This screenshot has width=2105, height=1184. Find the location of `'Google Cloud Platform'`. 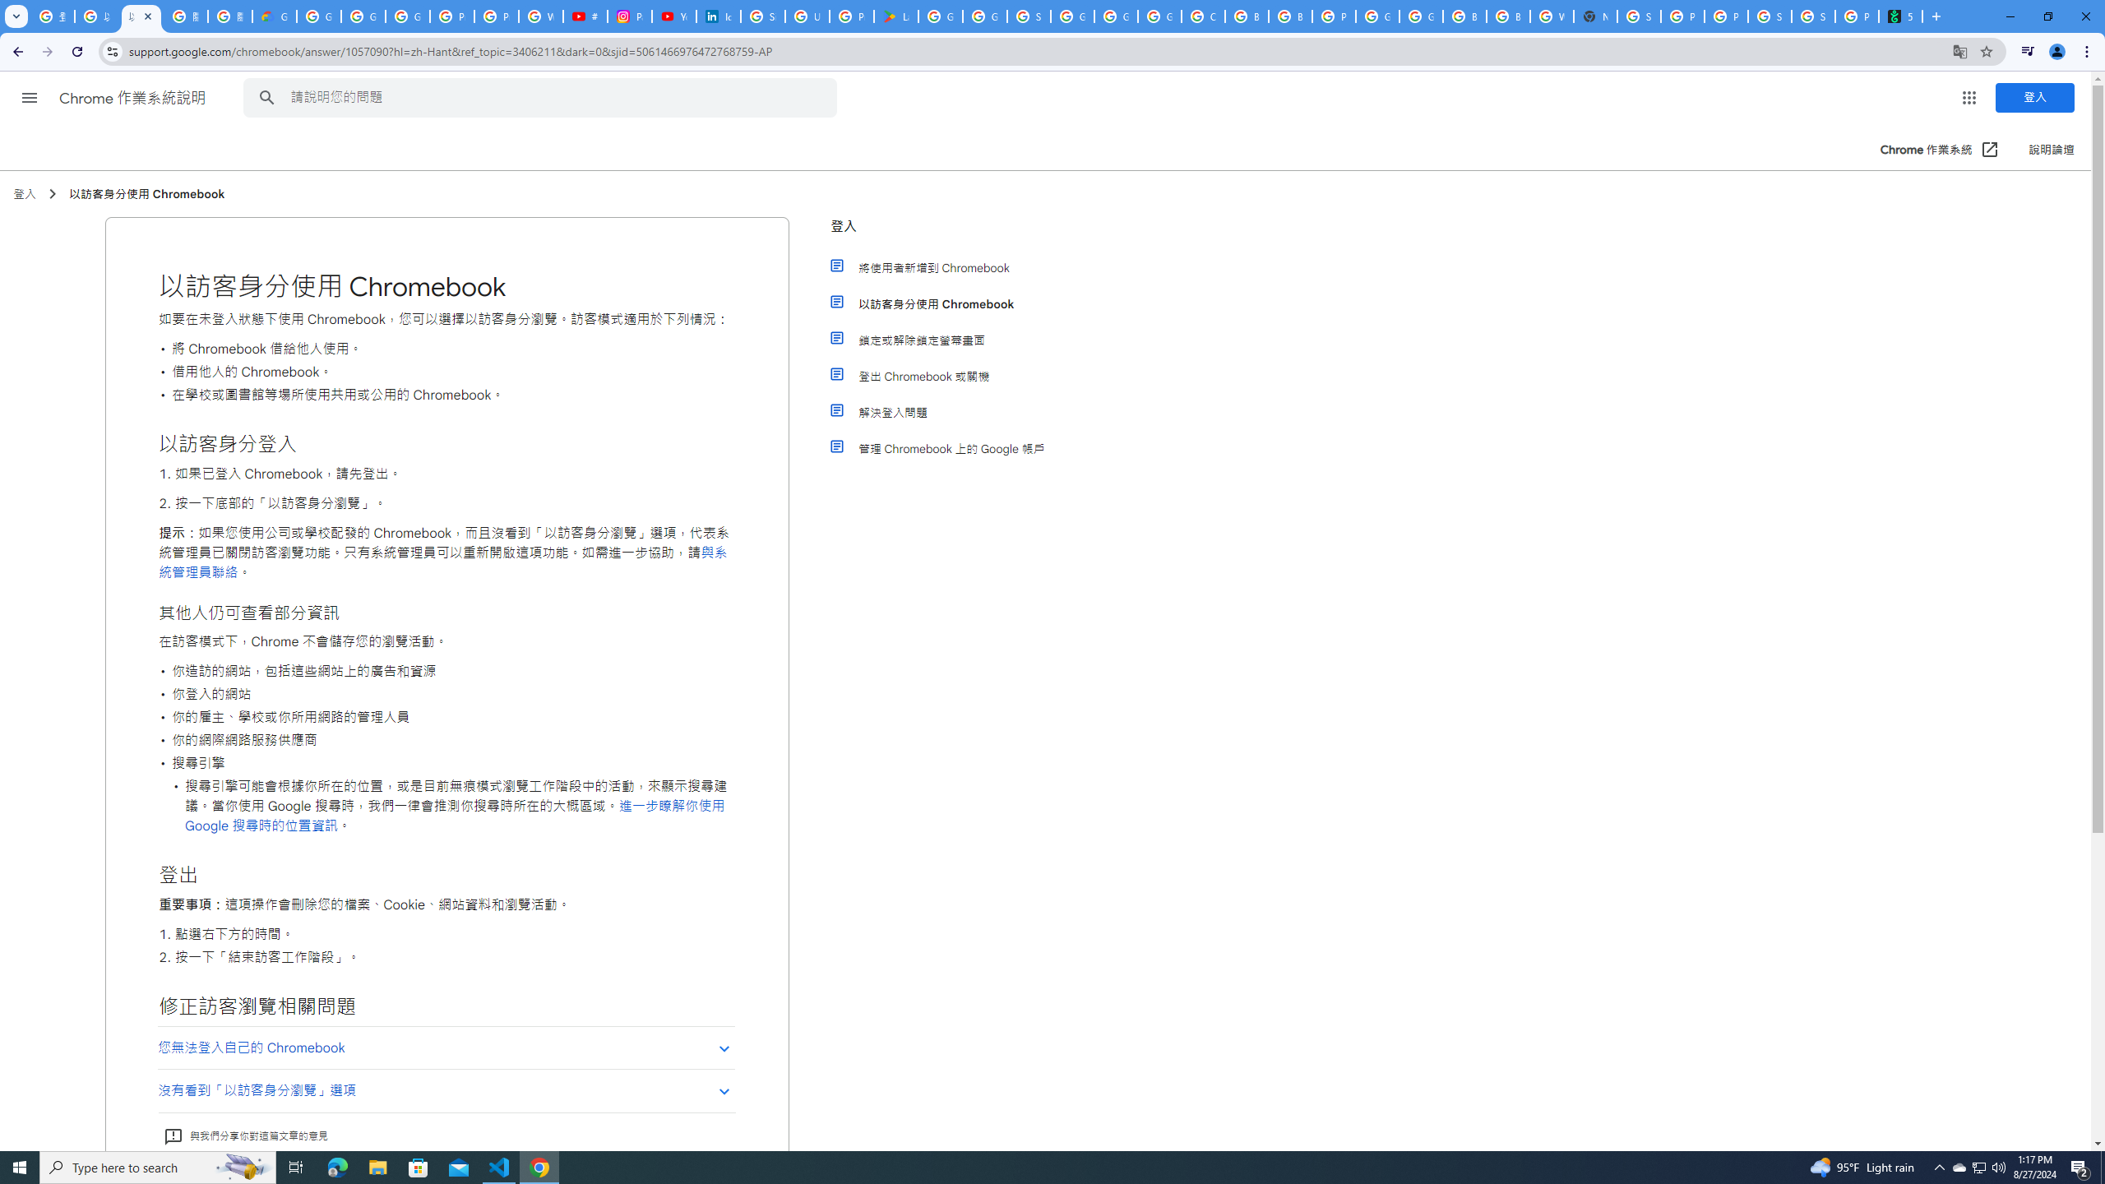

'Google Cloud Platform' is located at coordinates (1421, 16).